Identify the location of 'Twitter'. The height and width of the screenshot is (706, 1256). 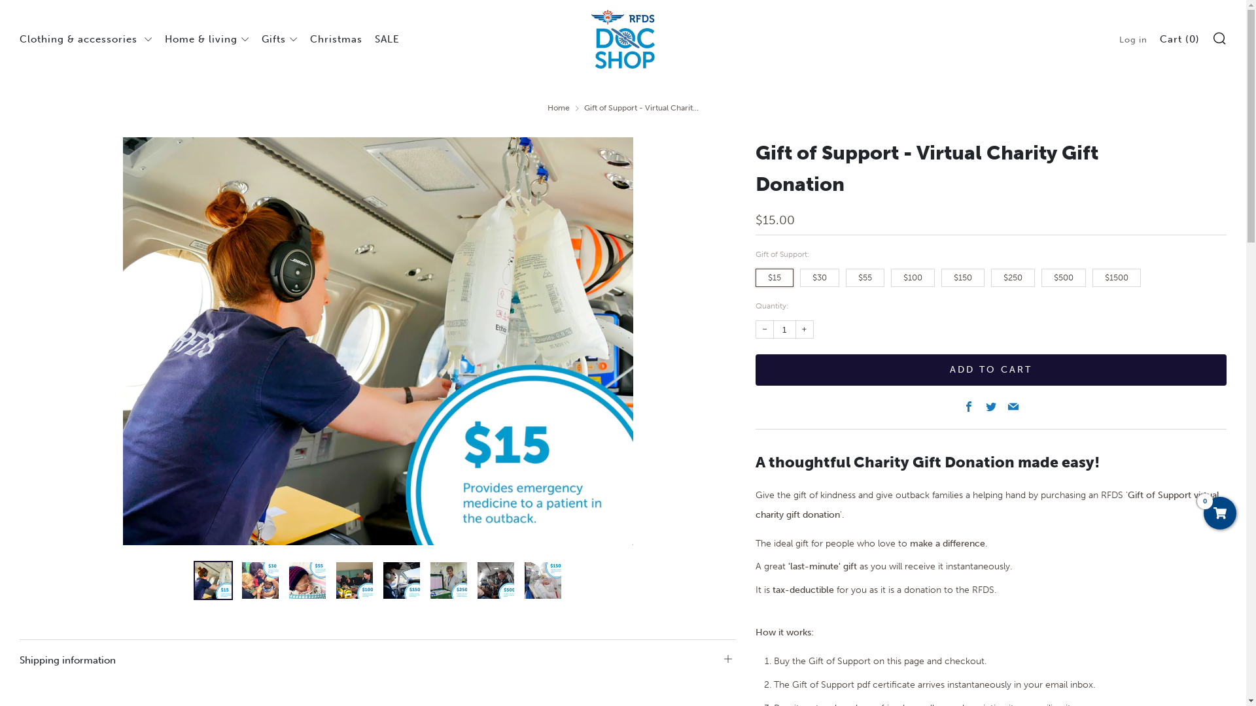
(986, 407).